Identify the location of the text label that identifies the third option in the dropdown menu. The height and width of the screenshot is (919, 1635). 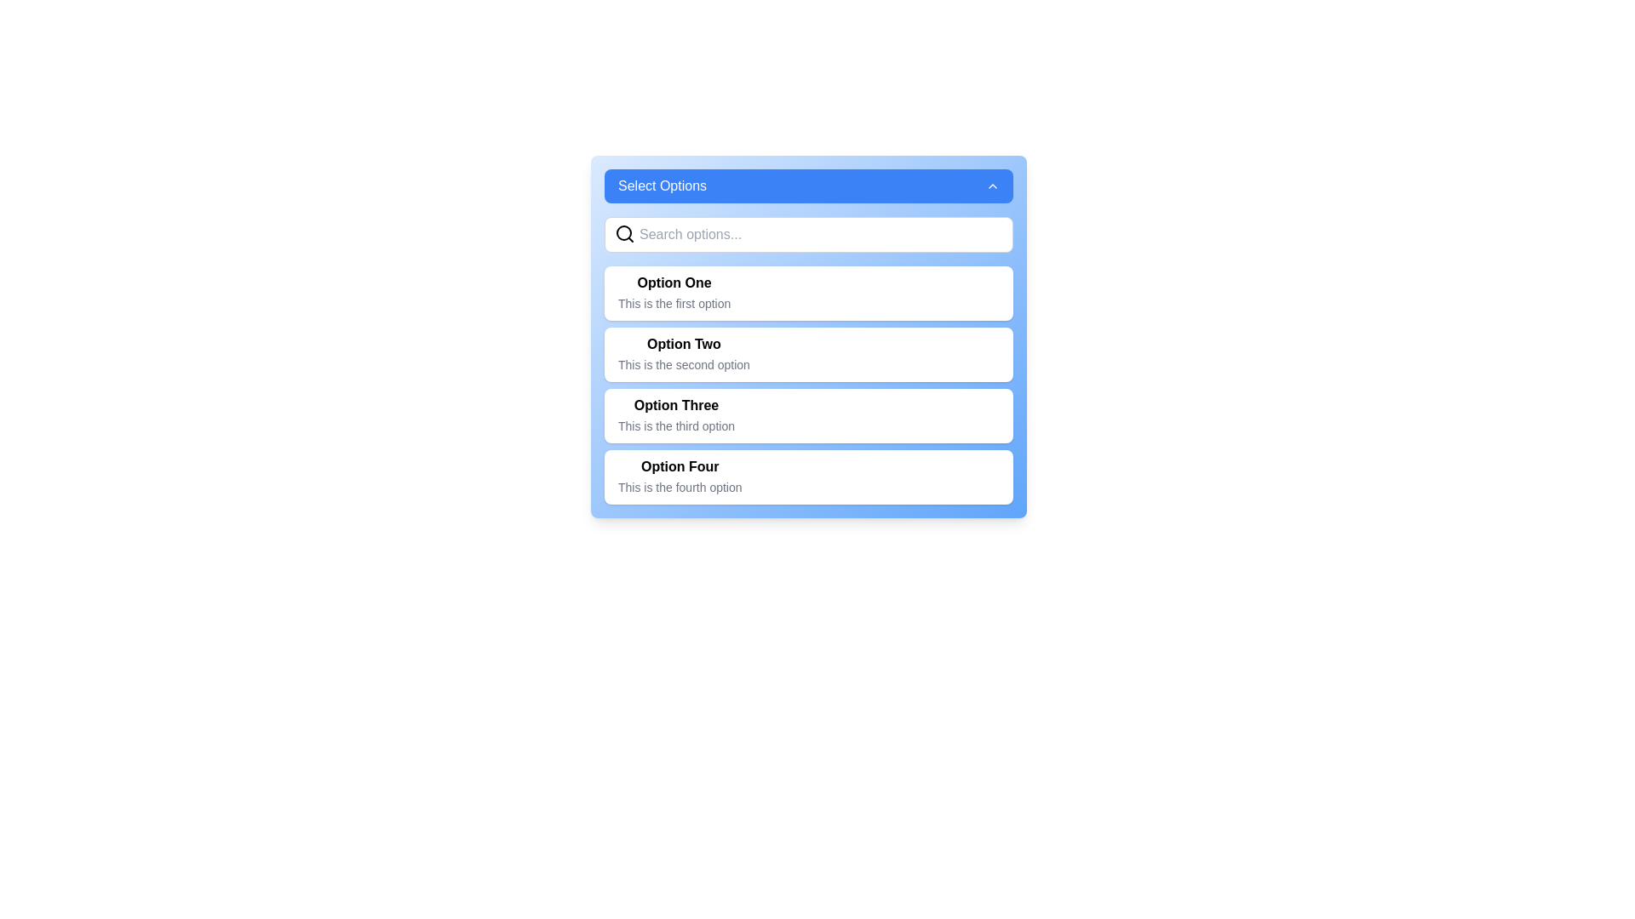
(675, 406).